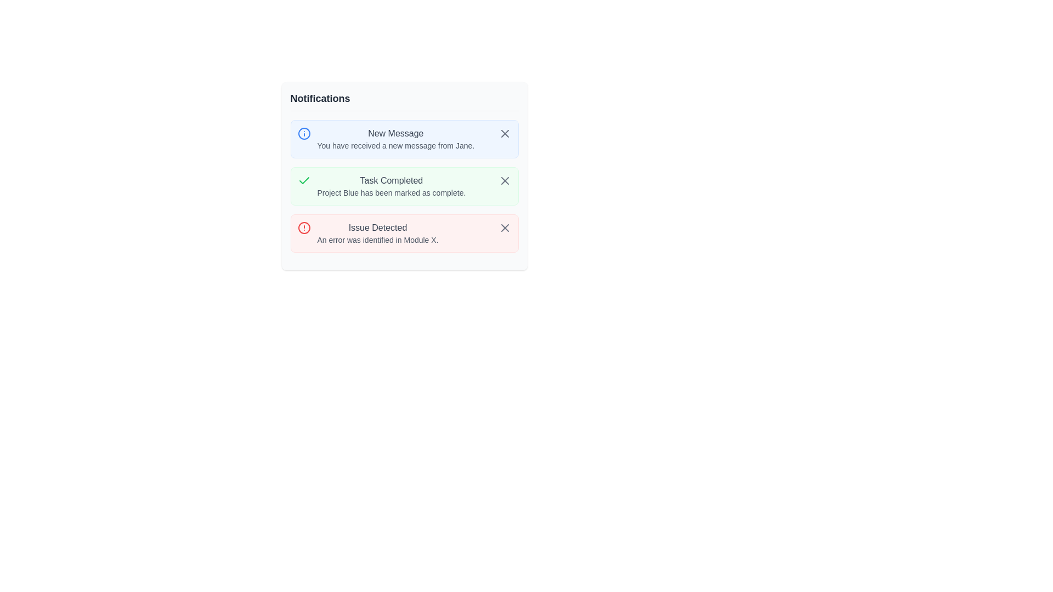 Image resolution: width=1053 pixels, height=592 pixels. What do you see at coordinates (504, 180) in the screenshot?
I see `the close icon (represented by an 'X') in the 'Task Completed' notification box` at bounding box center [504, 180].